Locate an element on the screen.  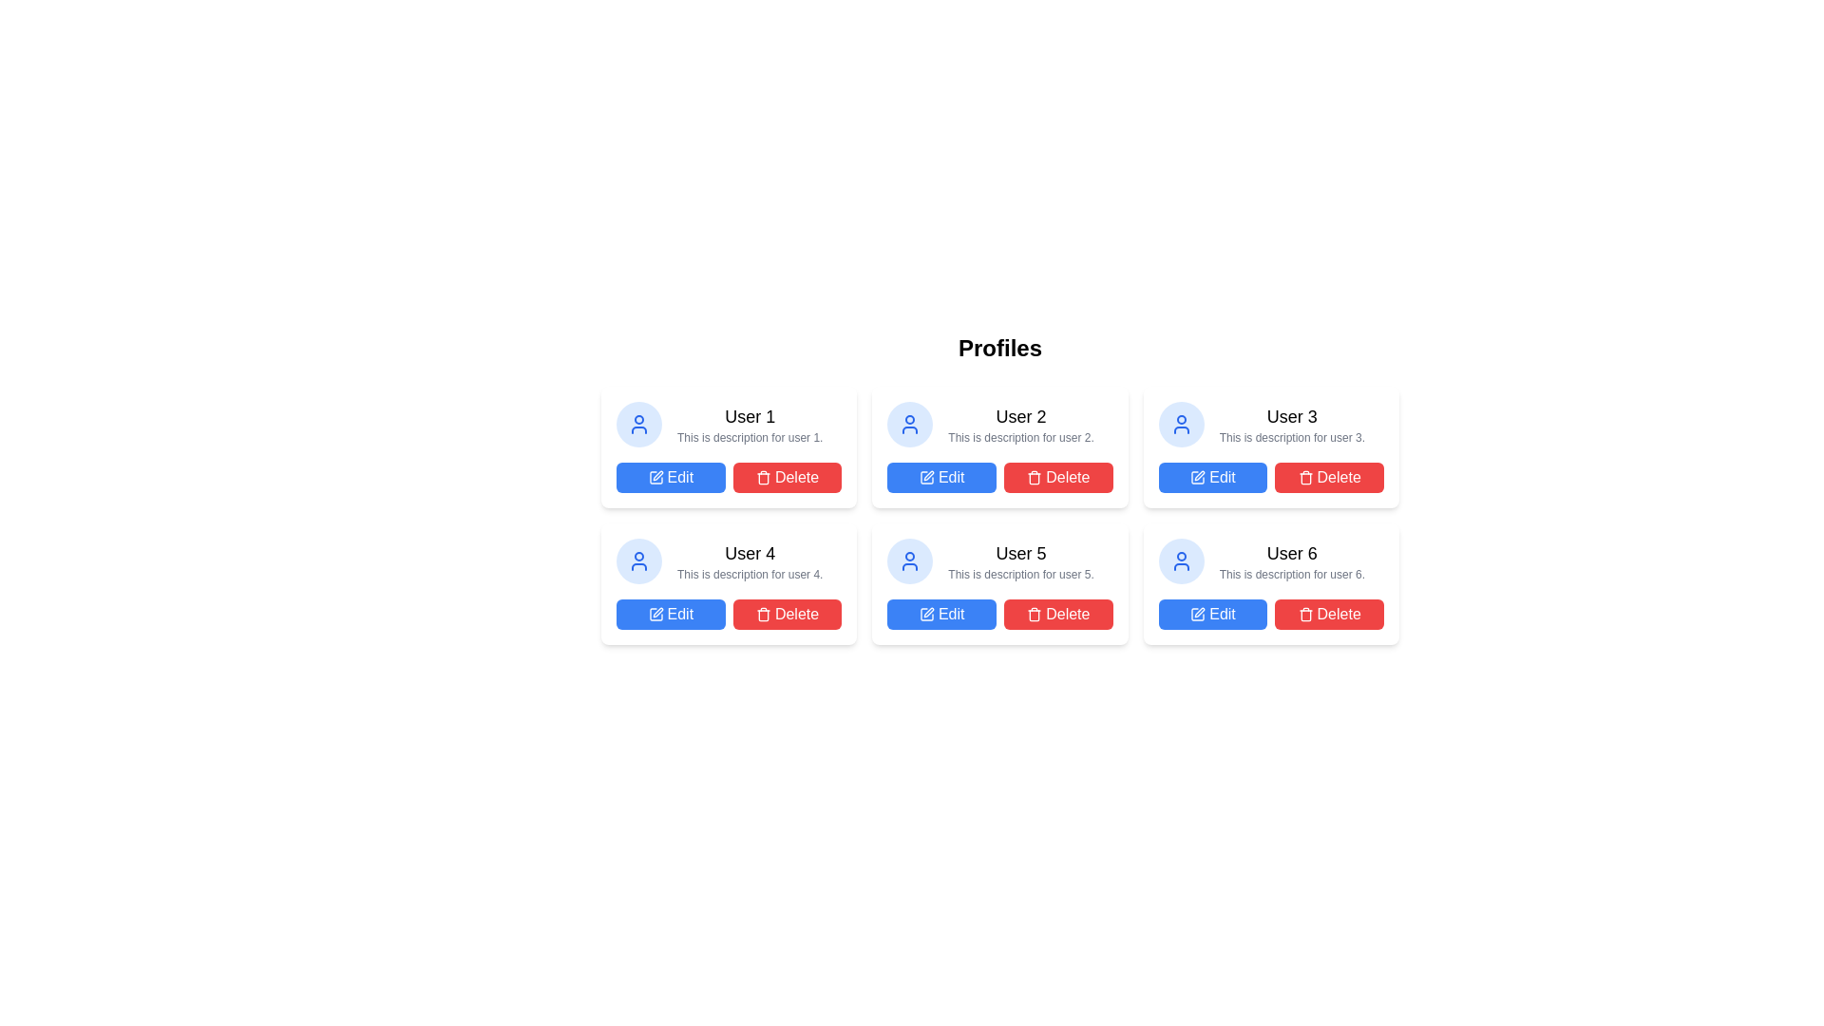
the interactive buttons for user profile 'User 5' is located at coordinates (998, 615).